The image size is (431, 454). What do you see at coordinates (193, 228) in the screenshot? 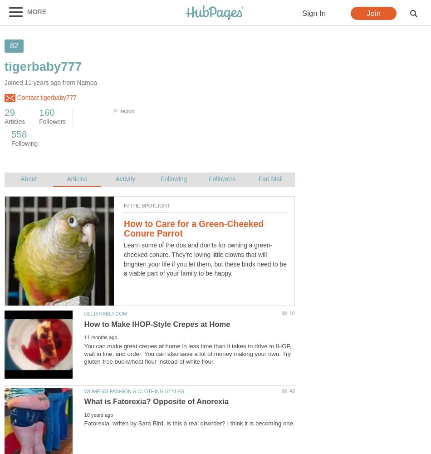
I see `'How to Care for a Green-Cheeked Conure Parrot'` at bounding box center [193, 228].